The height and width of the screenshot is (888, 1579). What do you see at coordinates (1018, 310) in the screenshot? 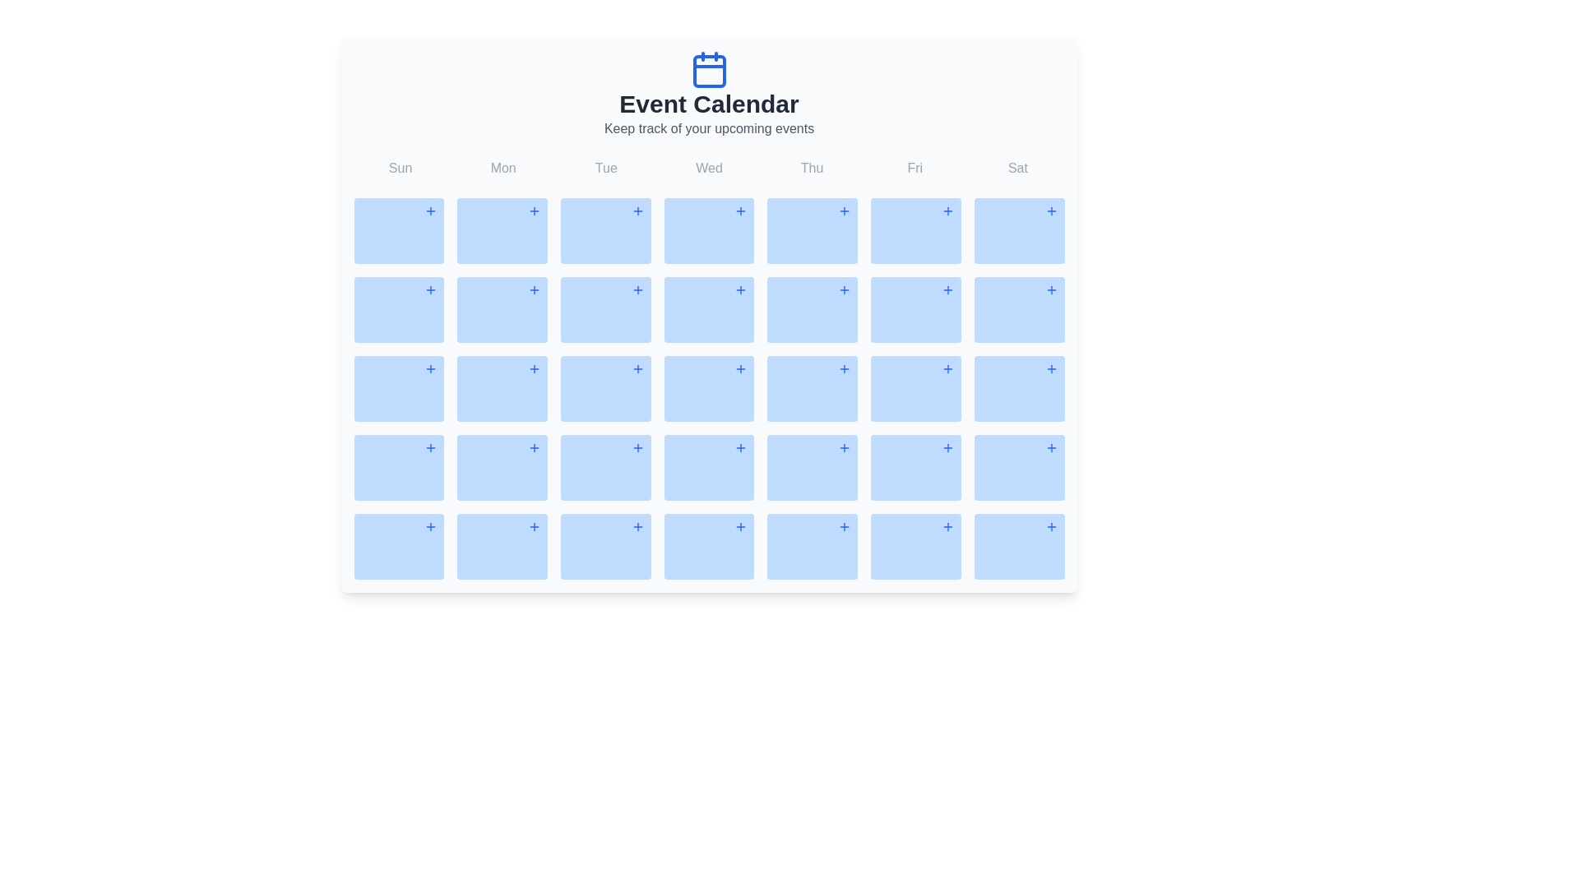
I see `the '+' symbol in the interactive calendar day element located in the sixth column and third row of the Event Calendar grid` at bounding box center [1018, 310].